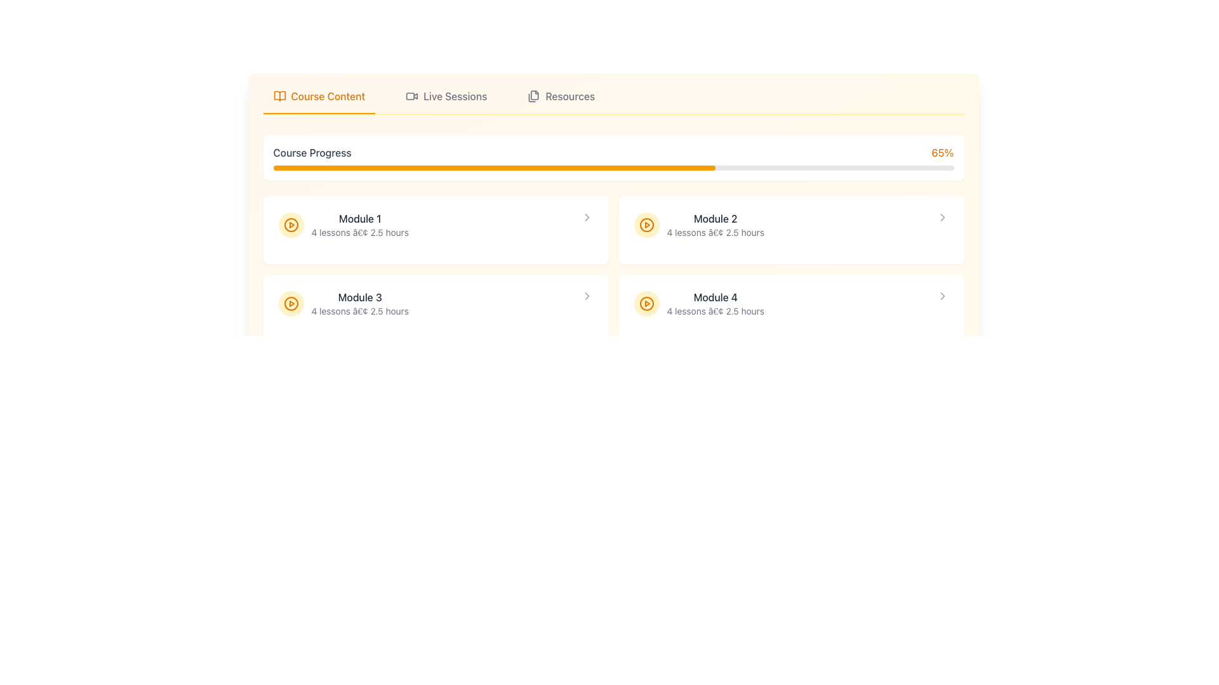  Describe the element at coordinates (359, 297) in the screenshot. I see `the text label displaying 'Module 3', which is styled with medium font weight and dark gray color, located in the middle-left region of the application layout` at that location.